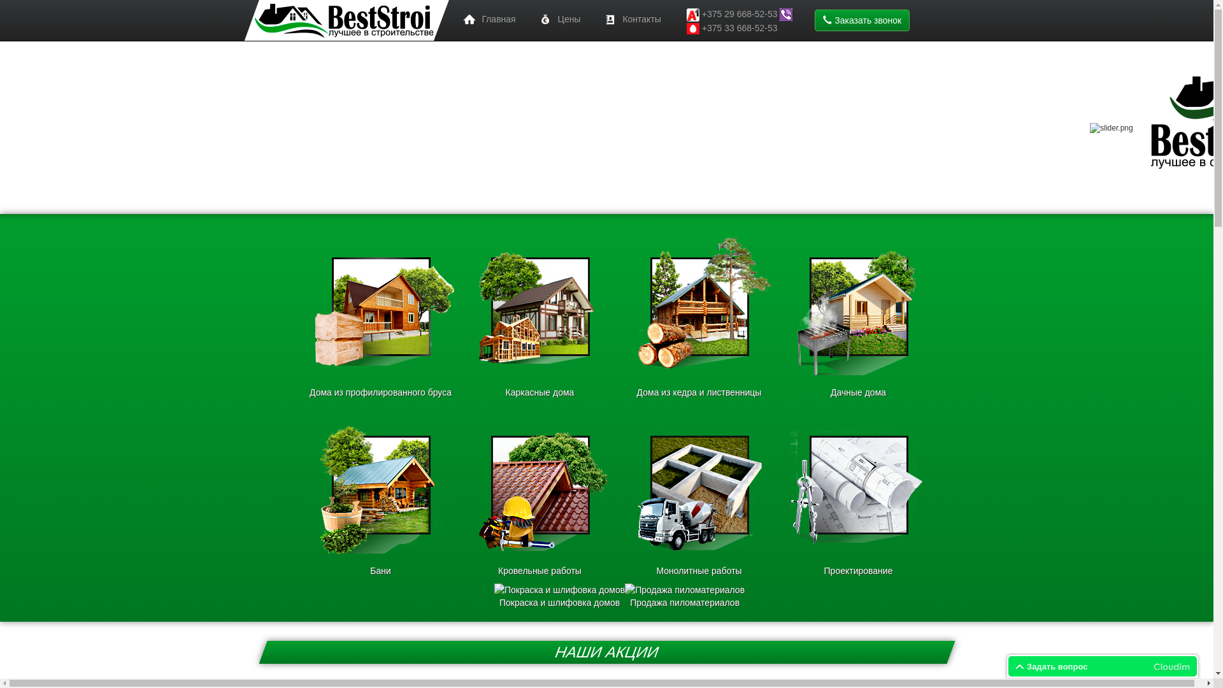 The image size is (1223, 688). I want to click on '+375 33 668-52-53', so click(740, 27).